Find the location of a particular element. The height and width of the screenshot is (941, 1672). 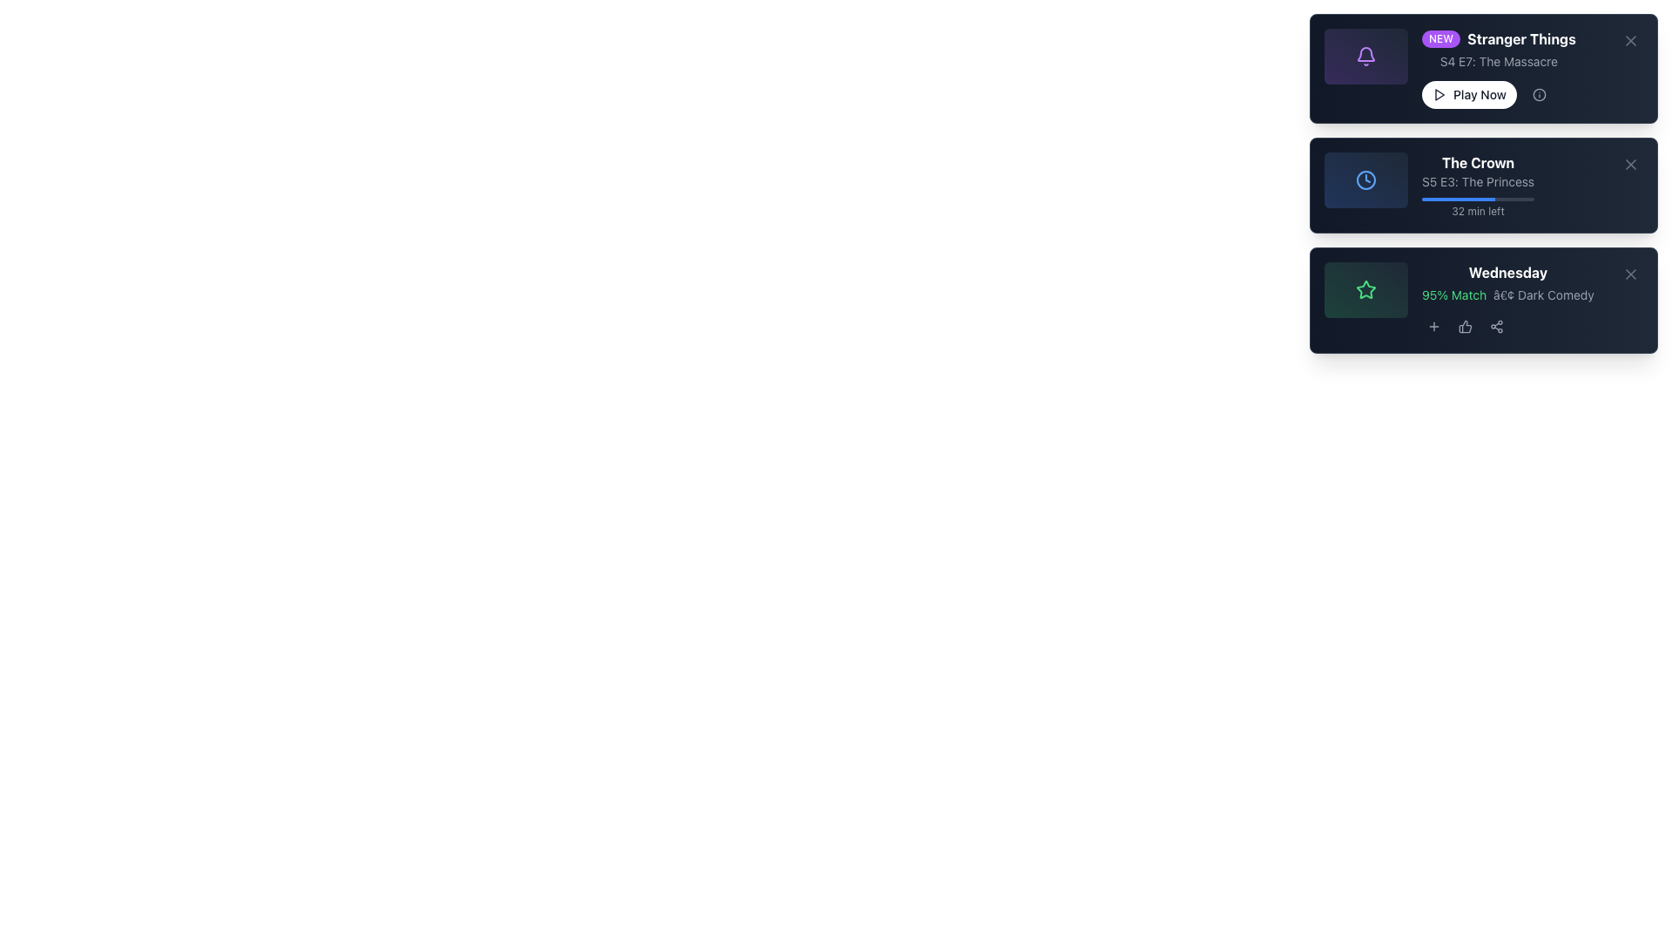

the 'X' icon button located at the top-right corner of the first card in the vertical stack, which is used is located at coordinates (1629, 39).